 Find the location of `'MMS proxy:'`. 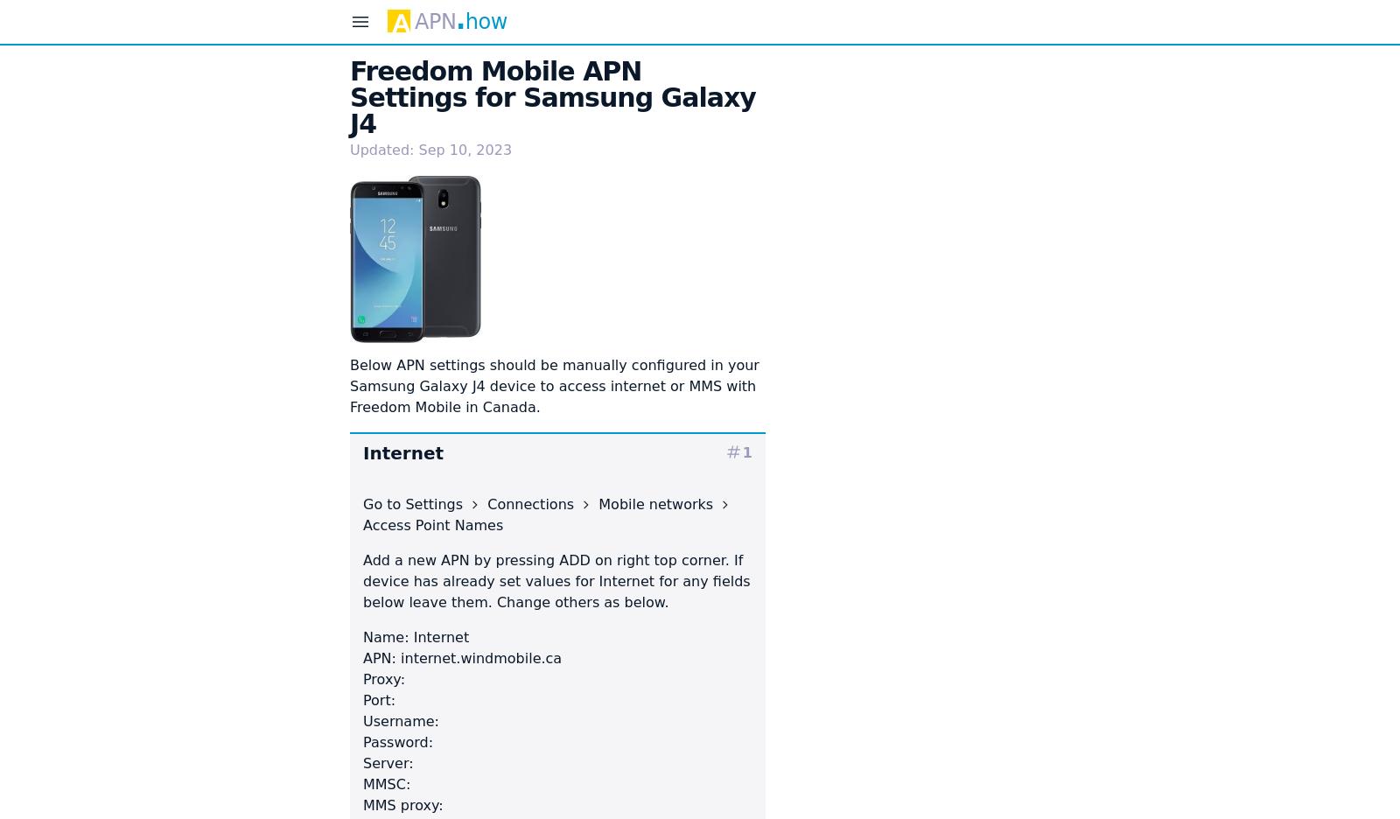

'MMS proxy:' is located at coordinates (402, 804).